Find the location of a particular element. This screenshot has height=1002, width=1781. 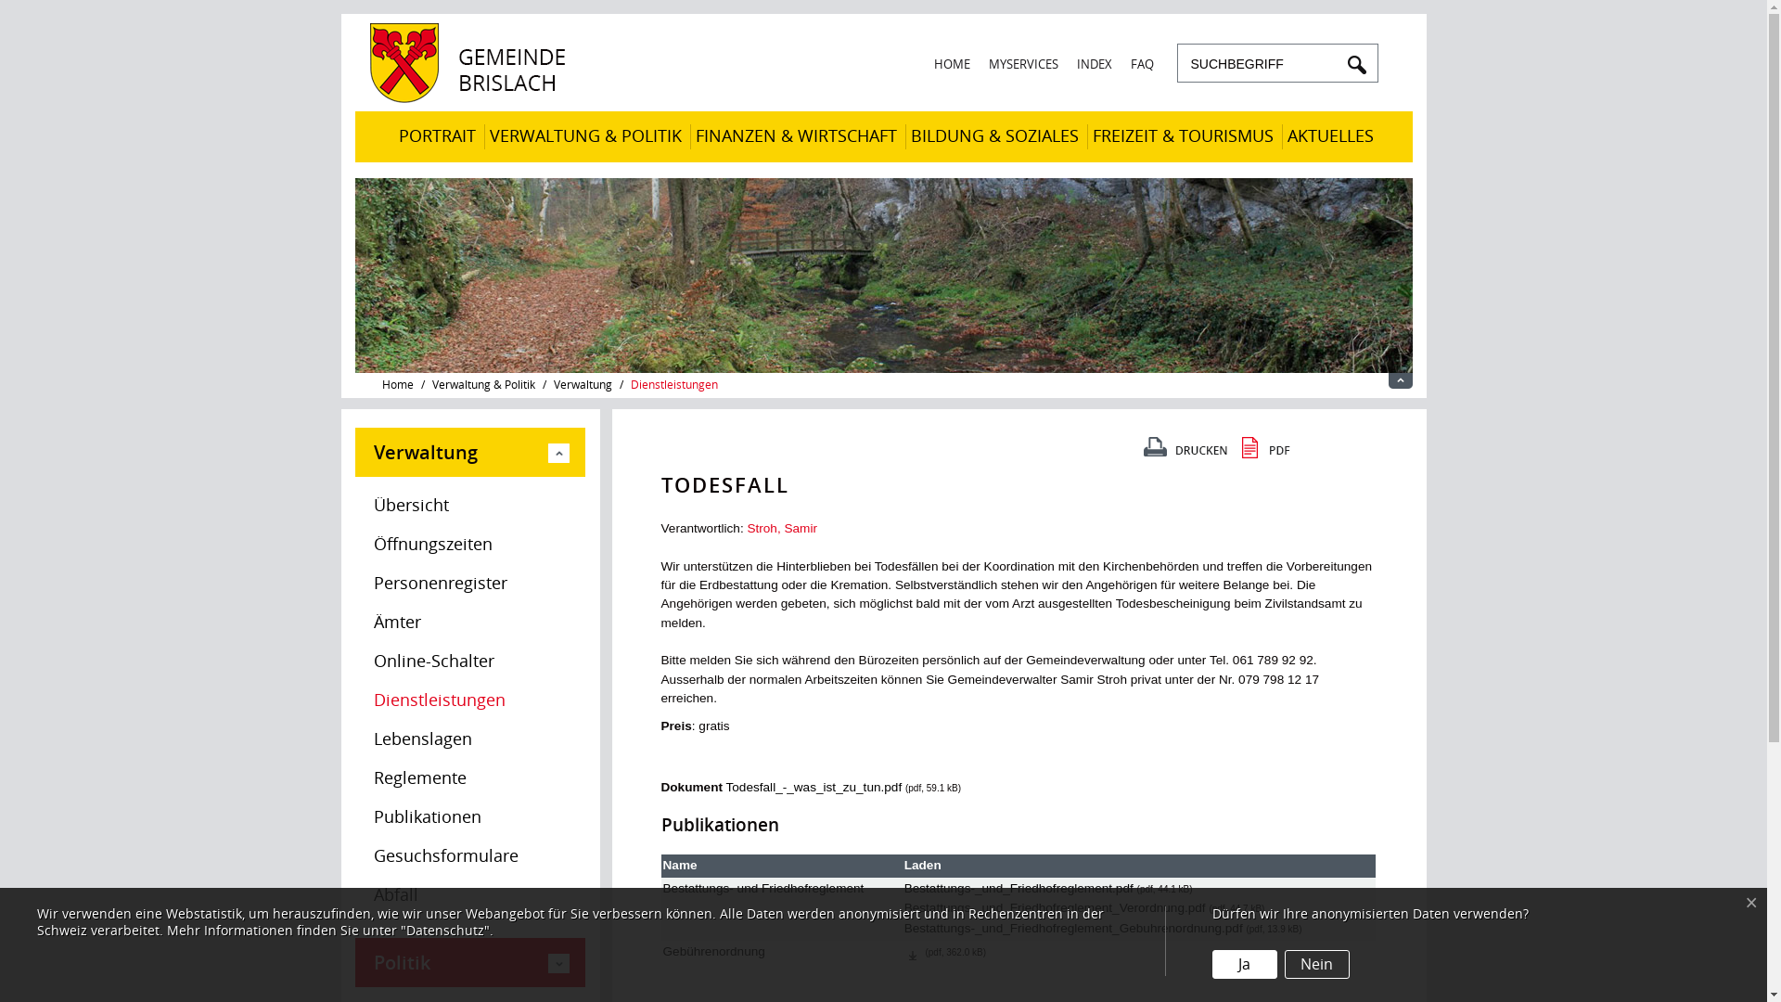

'AKTUELLES' is located at coordinates (1329, 135).